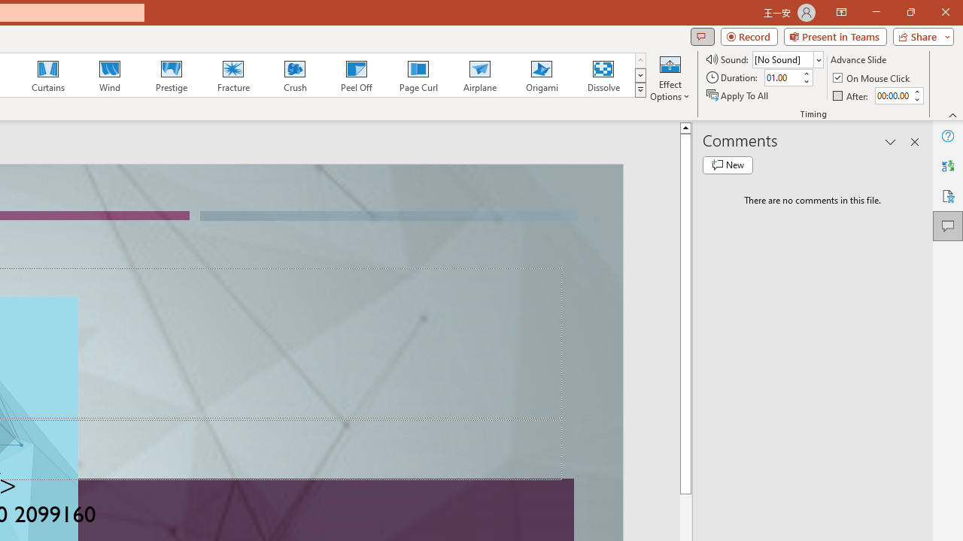 This screenshot has height=541, width=963. Describe the element at coordinates (171, 75) in the screenshot. I see `'Prestige'` at that location.